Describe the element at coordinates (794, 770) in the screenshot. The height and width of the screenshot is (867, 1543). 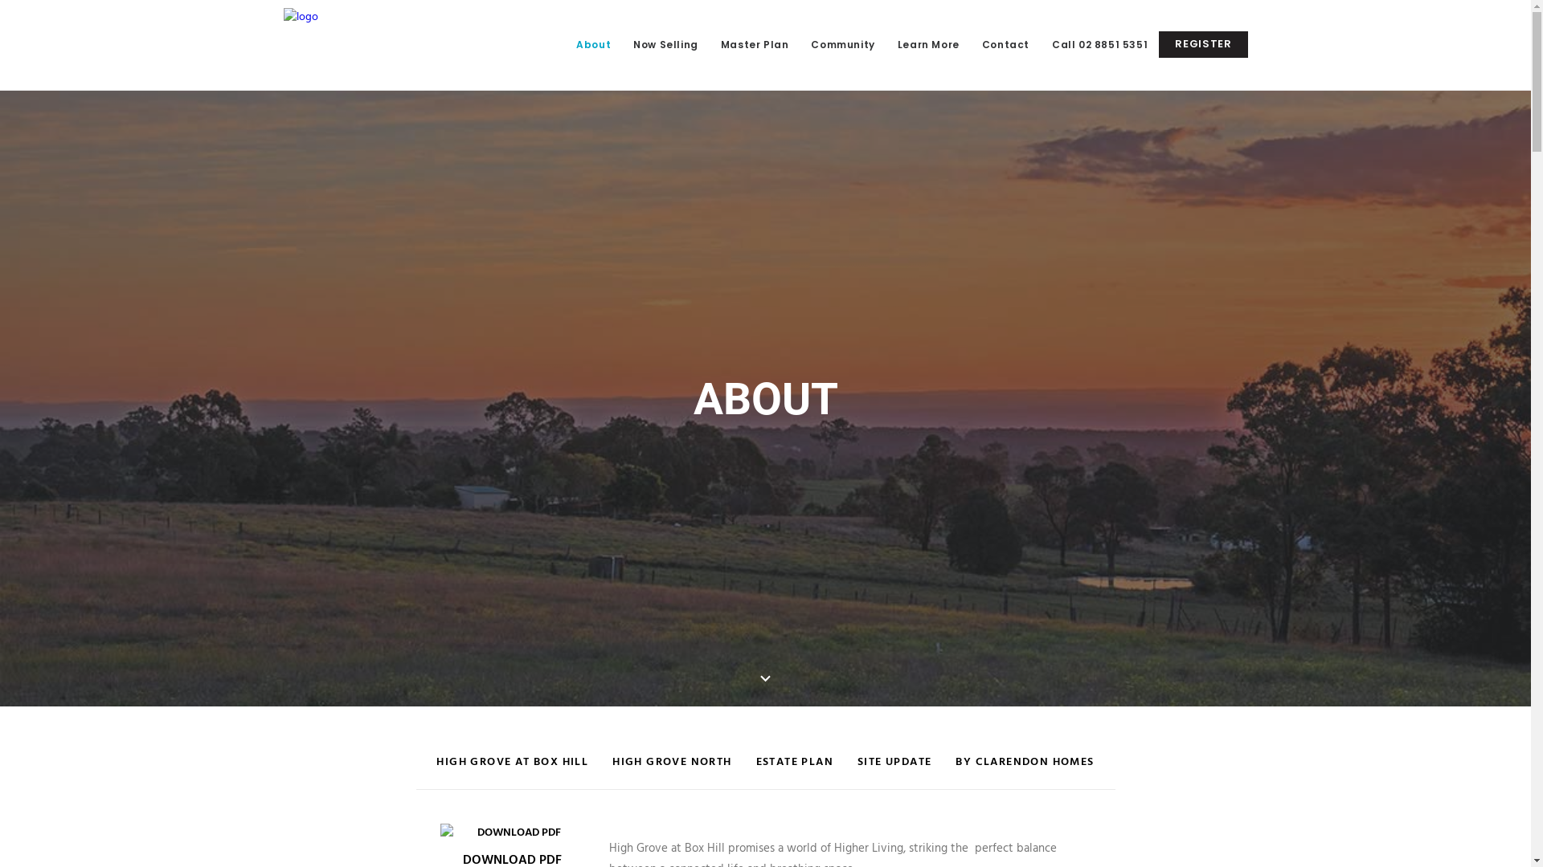
I see `'ESTATE PLAN'` at that location.